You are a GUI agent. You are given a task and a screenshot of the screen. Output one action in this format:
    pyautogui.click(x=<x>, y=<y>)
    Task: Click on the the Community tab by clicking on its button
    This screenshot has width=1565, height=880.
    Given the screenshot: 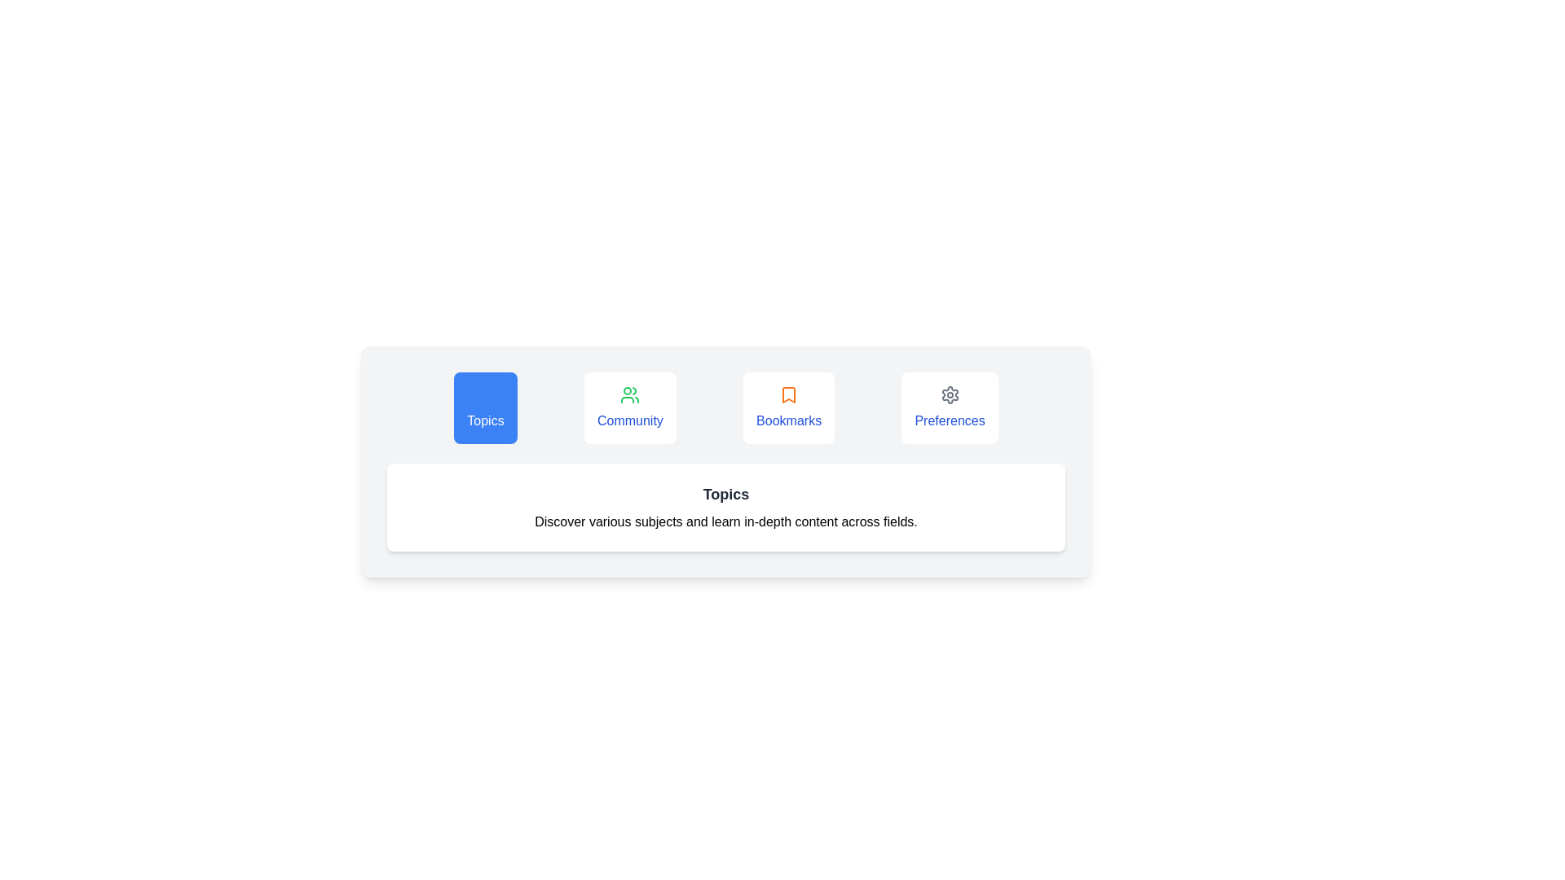 What is the action you would take?
    pyautogui.click(x=629, y=407)
    